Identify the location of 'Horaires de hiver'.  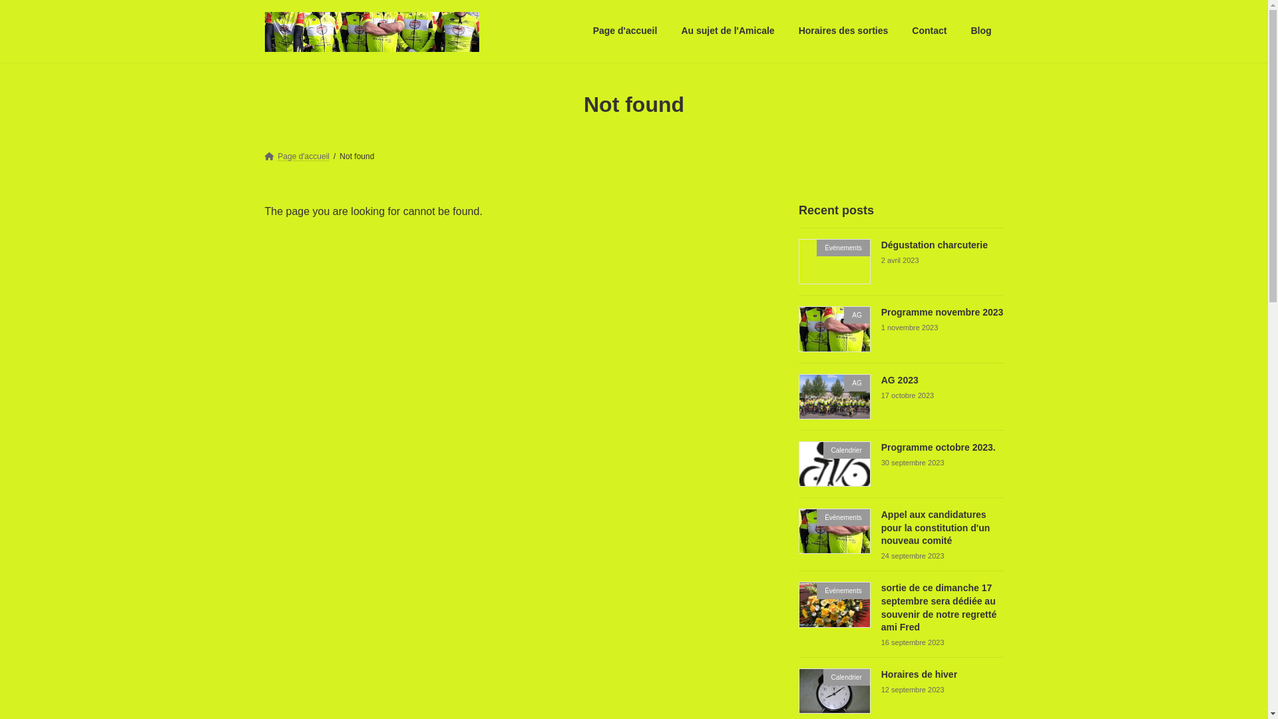
(881, 674).